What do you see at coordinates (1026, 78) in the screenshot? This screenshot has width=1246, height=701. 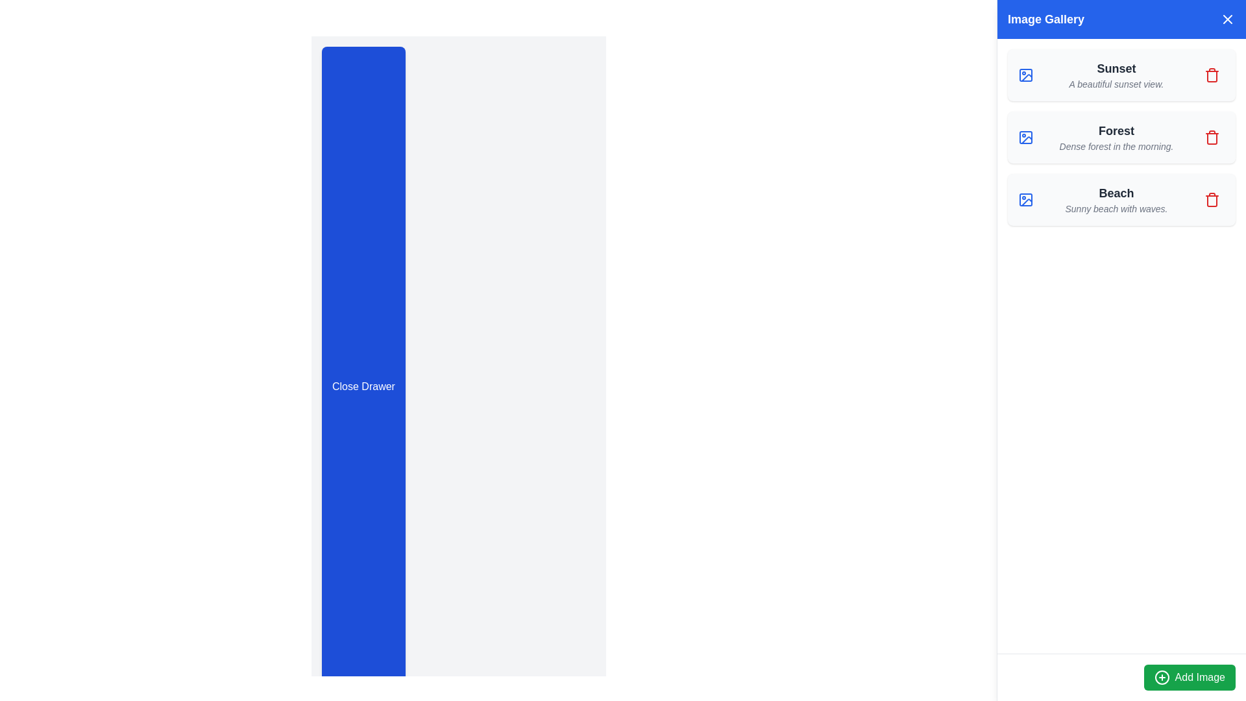 I see `the icon representing the 'Sunset' item, which appears as a diagonal line in a triangular arrangement within the topmost row of the panel displaying the list of items` at bounding box center [1026, 78].